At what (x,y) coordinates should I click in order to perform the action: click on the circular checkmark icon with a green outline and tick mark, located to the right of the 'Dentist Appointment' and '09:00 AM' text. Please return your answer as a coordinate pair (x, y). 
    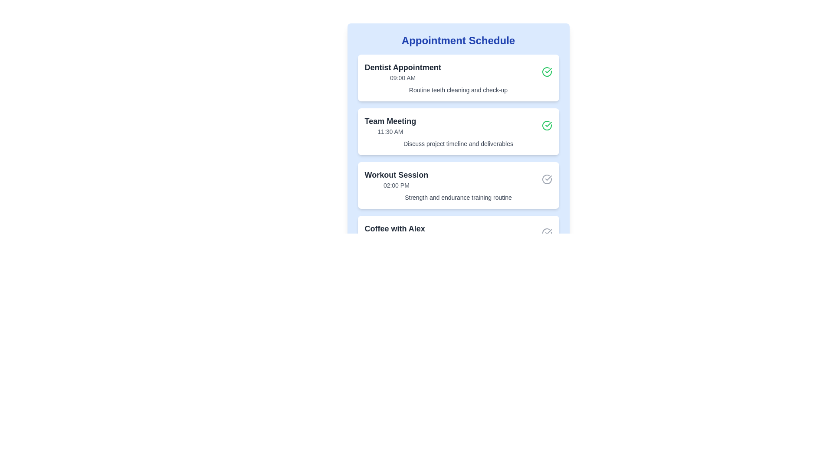
    Looking at the image, I should click on (546, 71).